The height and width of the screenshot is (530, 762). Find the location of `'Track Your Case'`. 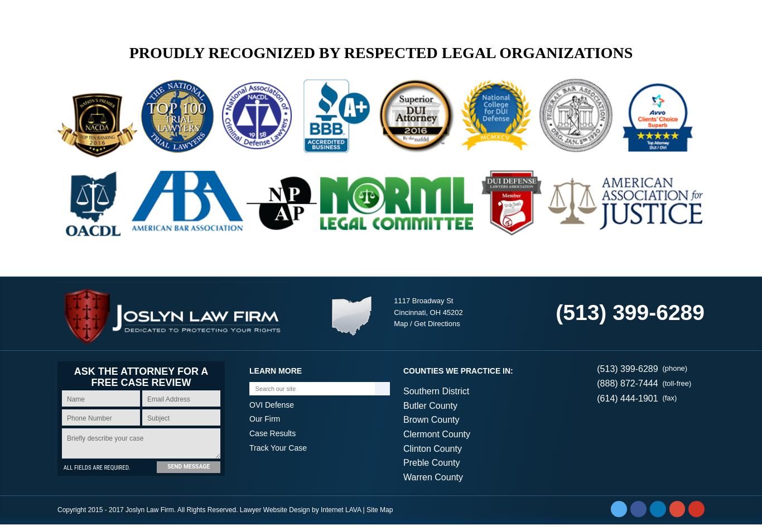

'Track Your Case' is located at coordinates (278, 453).